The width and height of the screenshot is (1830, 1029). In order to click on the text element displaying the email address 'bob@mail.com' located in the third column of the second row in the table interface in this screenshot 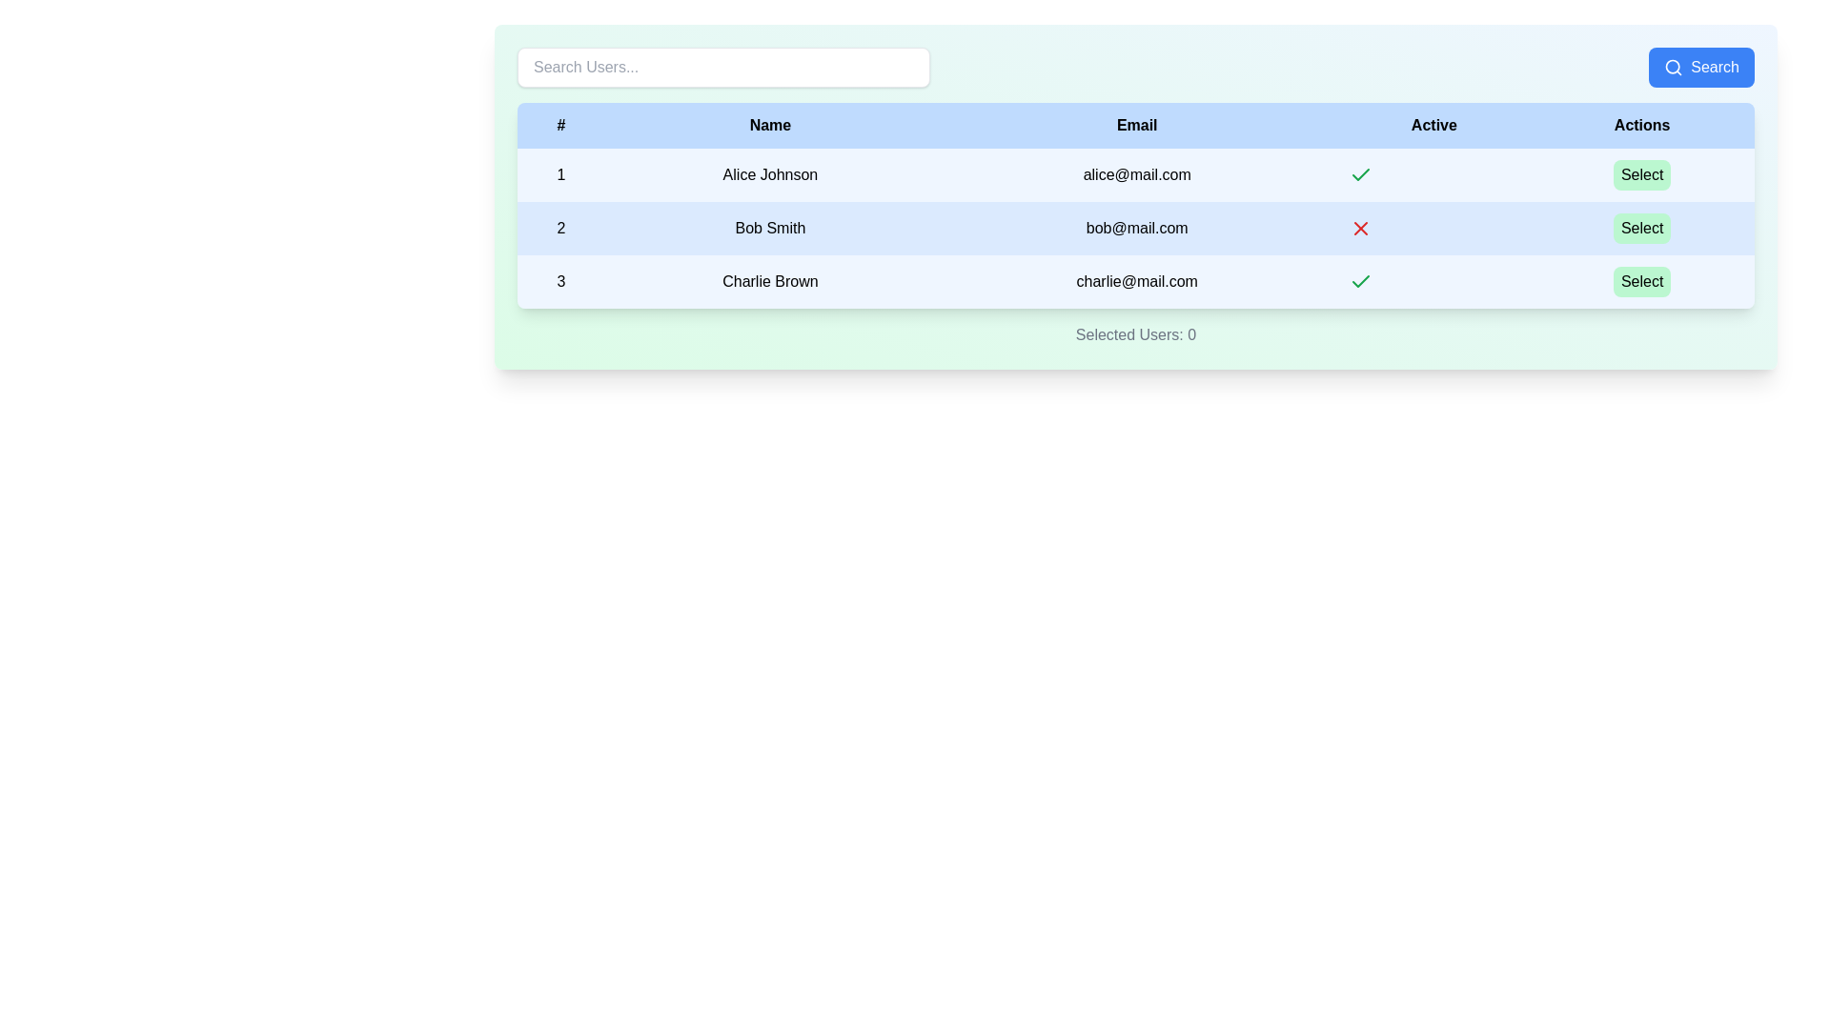, I will do `click(1137, 227)`.